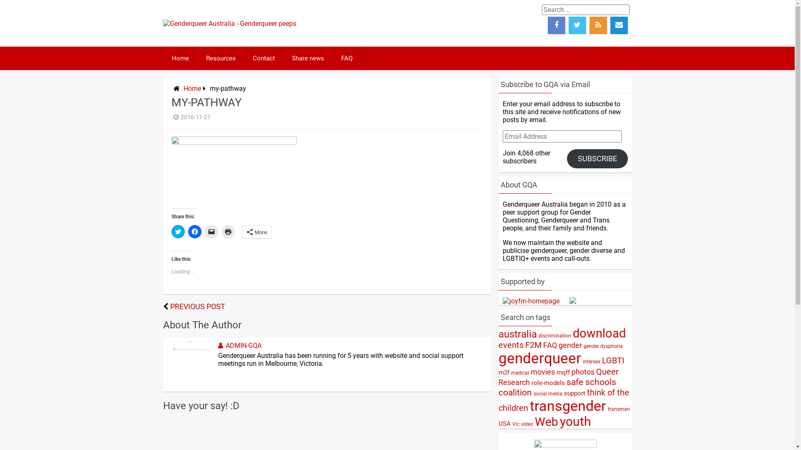 The height and width of the screenshot is (450, 801). What do you see at coordinates (221, 57) in the screenshot?
I see `'Resources'` at bounding box center [221, 57].